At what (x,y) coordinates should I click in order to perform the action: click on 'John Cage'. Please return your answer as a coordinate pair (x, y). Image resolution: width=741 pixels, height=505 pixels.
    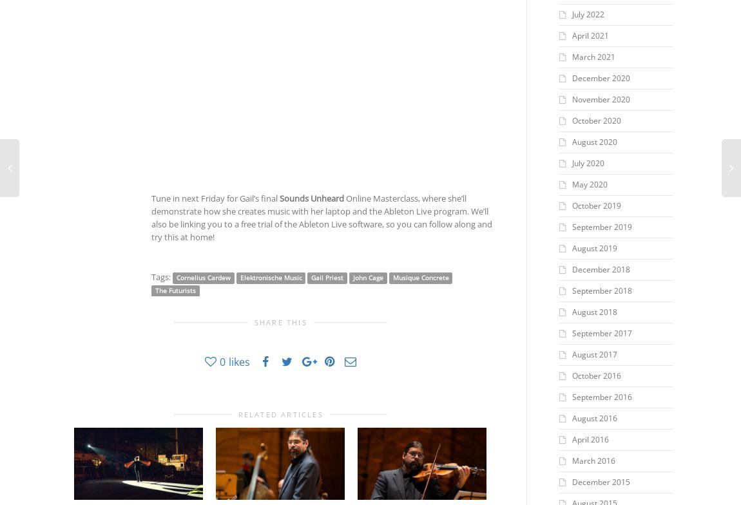
    Looking at the image, I should click on (367, 277).